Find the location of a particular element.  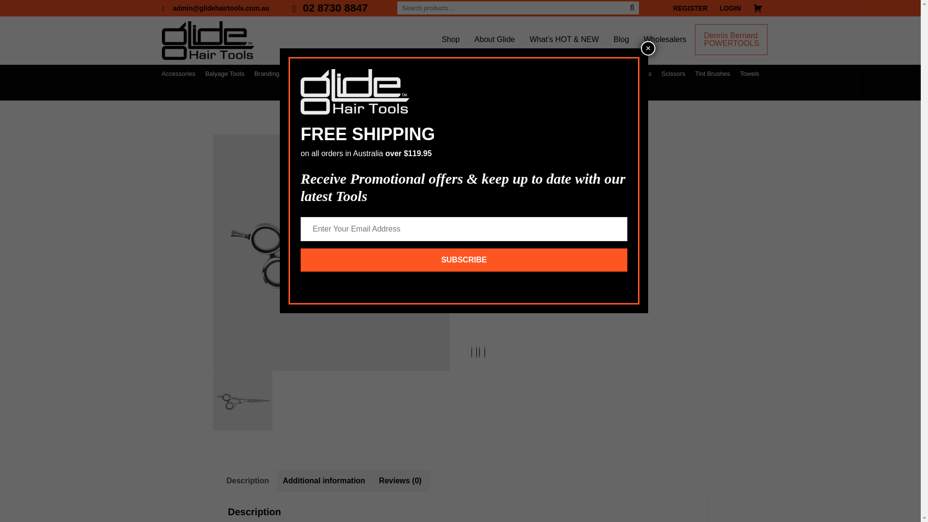

'Electricals' is located at coordinates (471, 73).